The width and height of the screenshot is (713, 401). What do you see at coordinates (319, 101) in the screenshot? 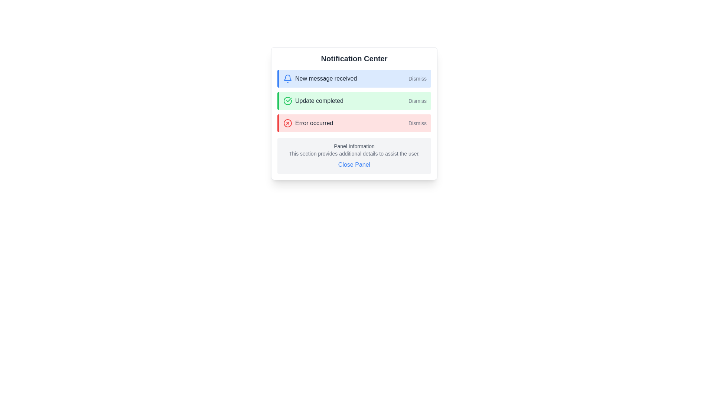
I see `the 'Update completed' text label located centrally within the second notification card in the 'Notification Center', positioned between a green check-circle icon and the 'Dismiss' button` at bounding box center [319, 101].